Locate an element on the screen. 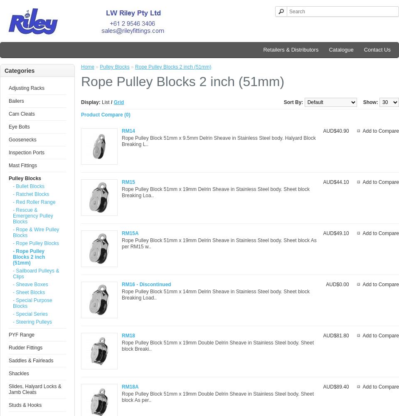 The height and width of the screenshot is (416, 399). 'Retailers & Distributors' is located at coordinates (291, 49).